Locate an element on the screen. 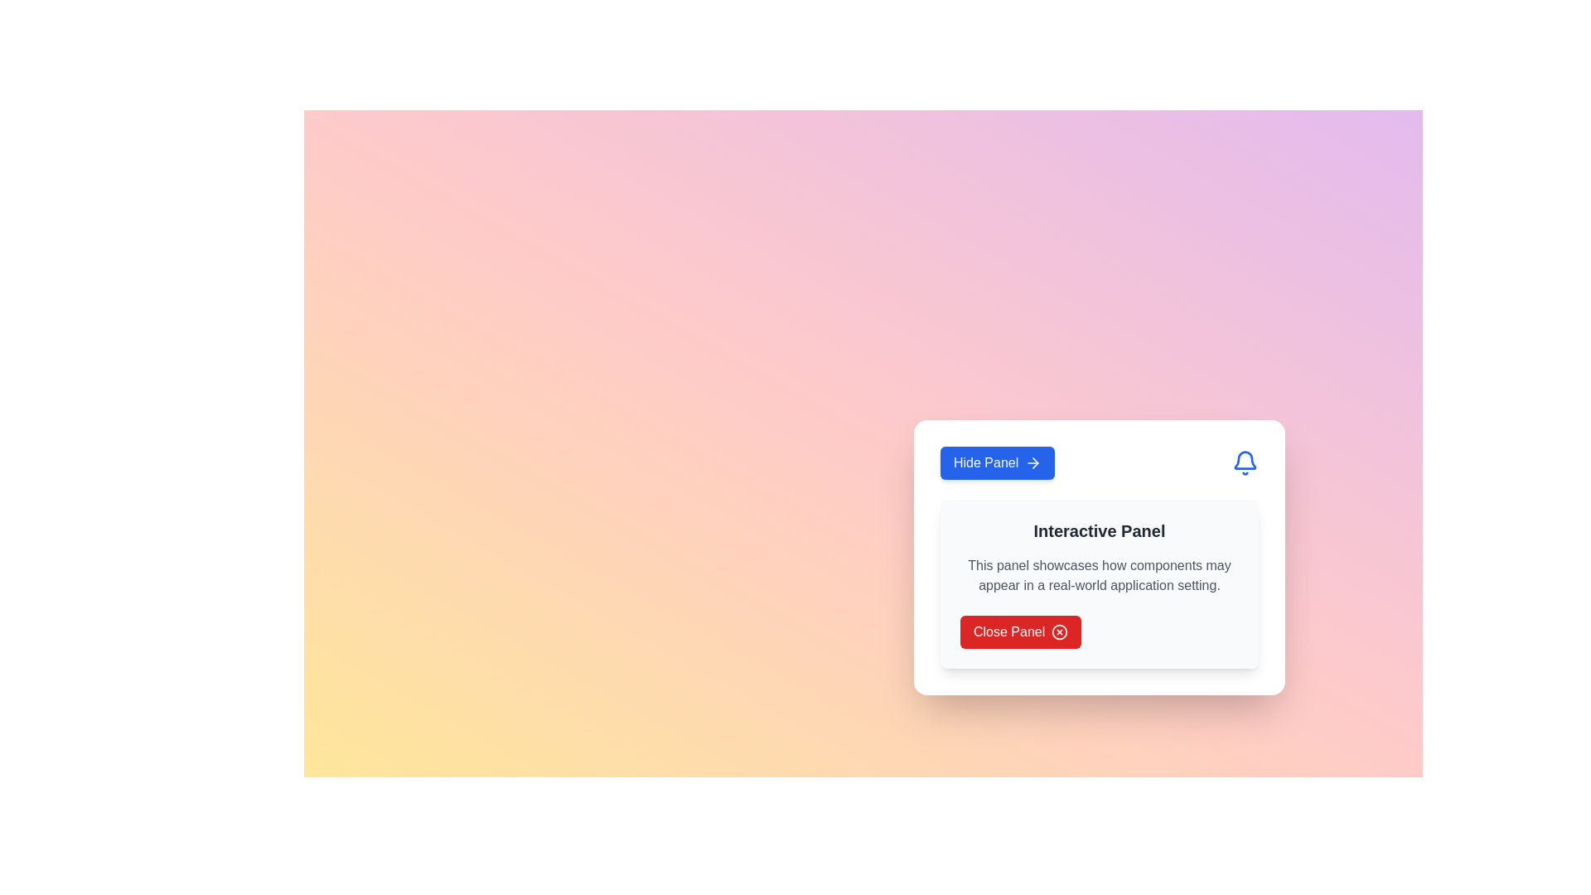 This screenshot has height=895, width=1591. the blue outlined bell icon located on the right side of the header section is located at coordinates (1245, 463).